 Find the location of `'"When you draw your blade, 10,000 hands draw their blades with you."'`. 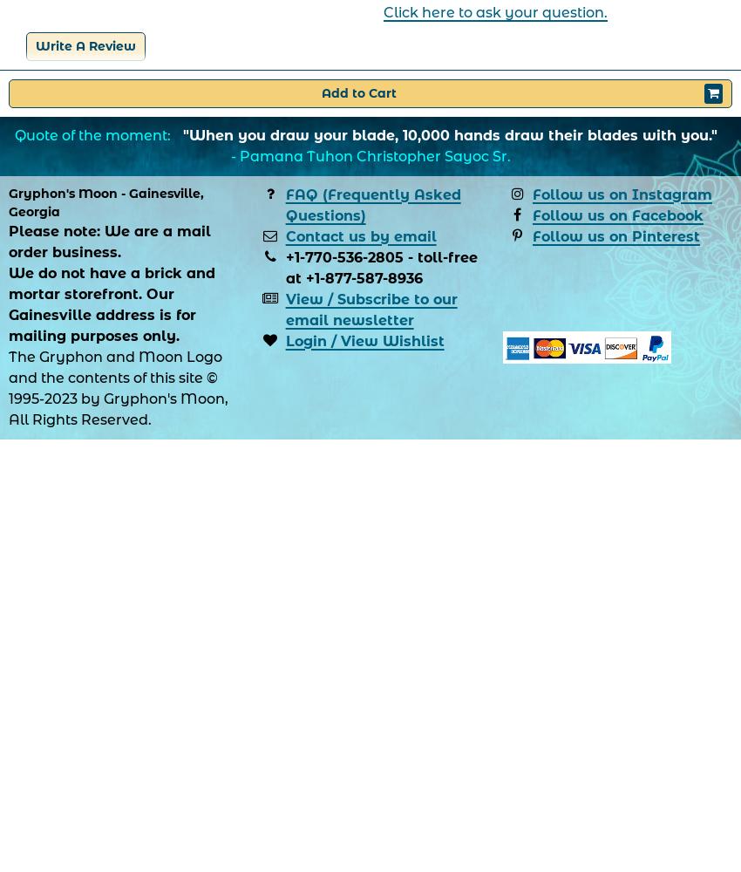

'"When you draw your blade, 10,000 hands draw their blades with you."' is located at coordinates (182, 134).